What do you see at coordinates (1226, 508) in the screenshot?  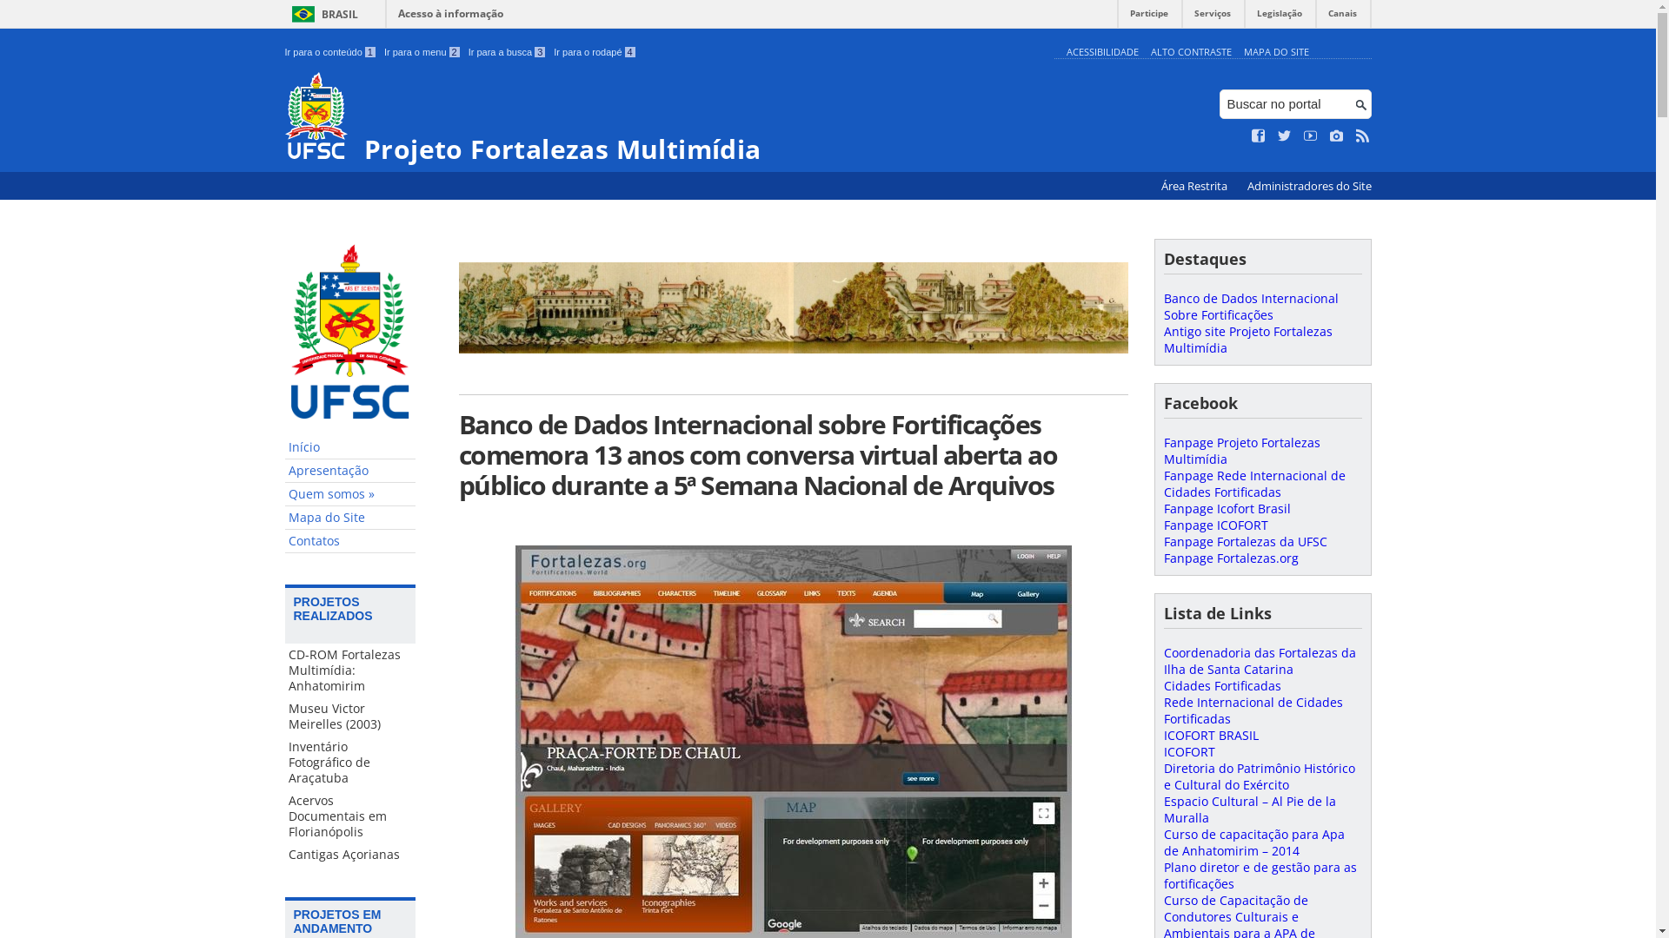 I see `'Fanpage Icofort Brasil'` at bounding box center [1226, 508].